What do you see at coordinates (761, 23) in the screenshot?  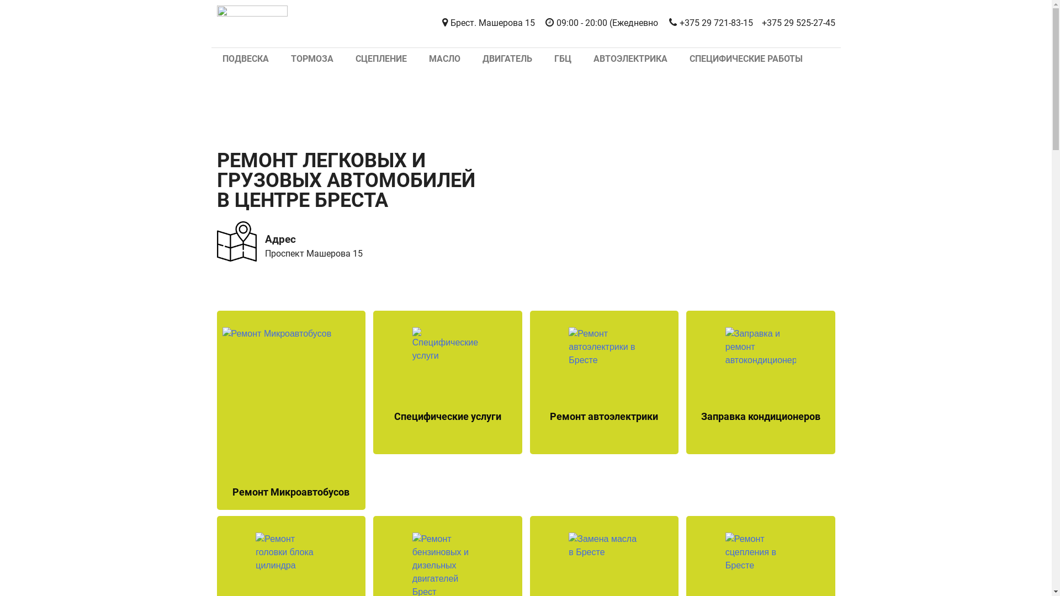 I see `'+375 29 525-27-45'` at bounding box center [761, 23].